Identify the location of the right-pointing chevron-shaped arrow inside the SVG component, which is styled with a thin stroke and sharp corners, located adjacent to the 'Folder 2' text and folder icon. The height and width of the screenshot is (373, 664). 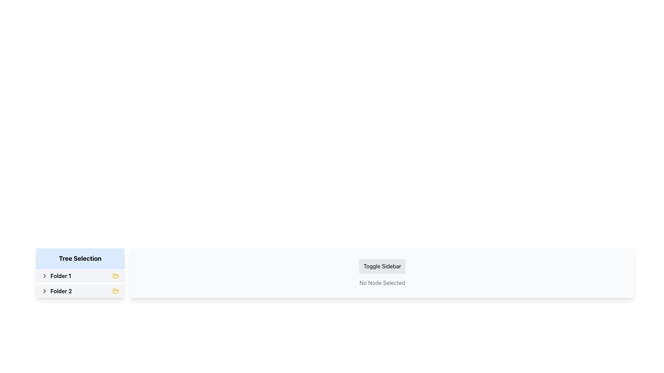
(44, 275).